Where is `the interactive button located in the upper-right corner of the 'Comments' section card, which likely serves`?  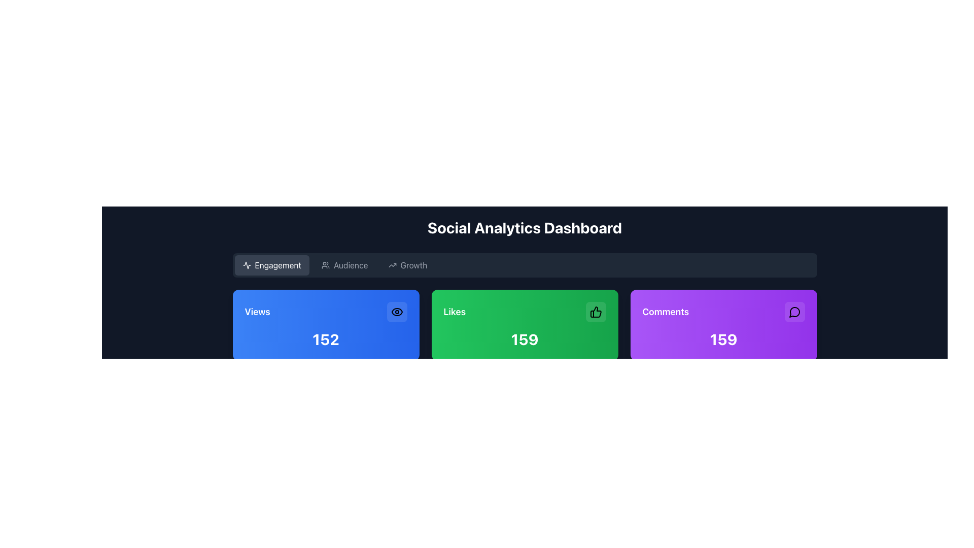 the interactive button located in the upper-right corner of the 'Comments' section card, which likely serves is located at coordinates (794, 311).